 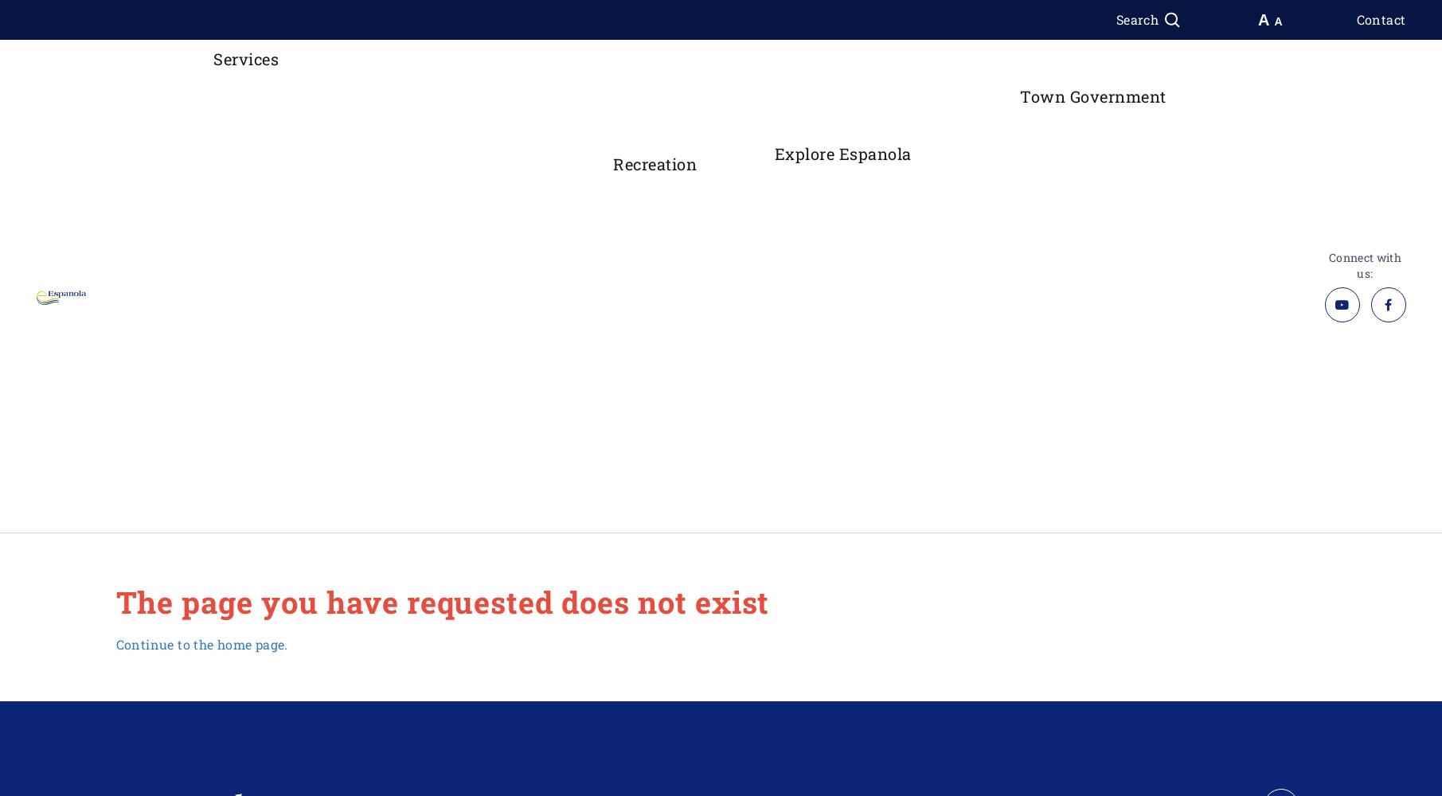 What do you see at coordinates (348, 444) in the screenshot?
I see `'Provincial Offences'` at bounding box center [348, 444].